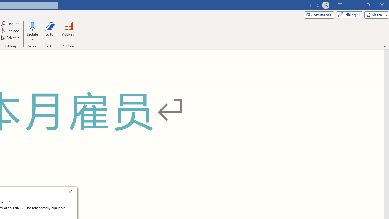 Image resolution: width=389 pixels, height=219 pixels. What do you see at coordinates (385, 46) in the screenshot?
I see `'Collapse the Ribbon'` at bounding box center [385, 46].